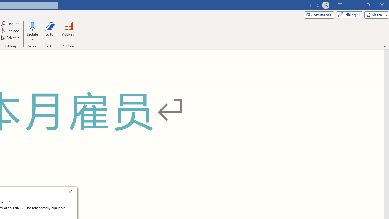 Image resolution: width=389 pixels, height=219 pixels. What do you see at coordinates (385, 46) in the screenshot?
I see `'Collapse the Ribbon'` at bounding box center [385, 46].